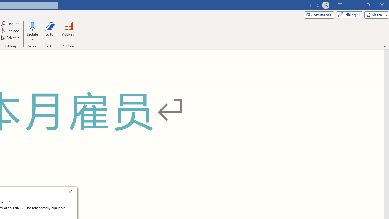 Image resolution: width=389 pixels, height=219 pixels. What do you see at coordinates (385, 46) in the screenshot?
I see `'Collapse the Ribbon'` at bounding box center [385, 46].